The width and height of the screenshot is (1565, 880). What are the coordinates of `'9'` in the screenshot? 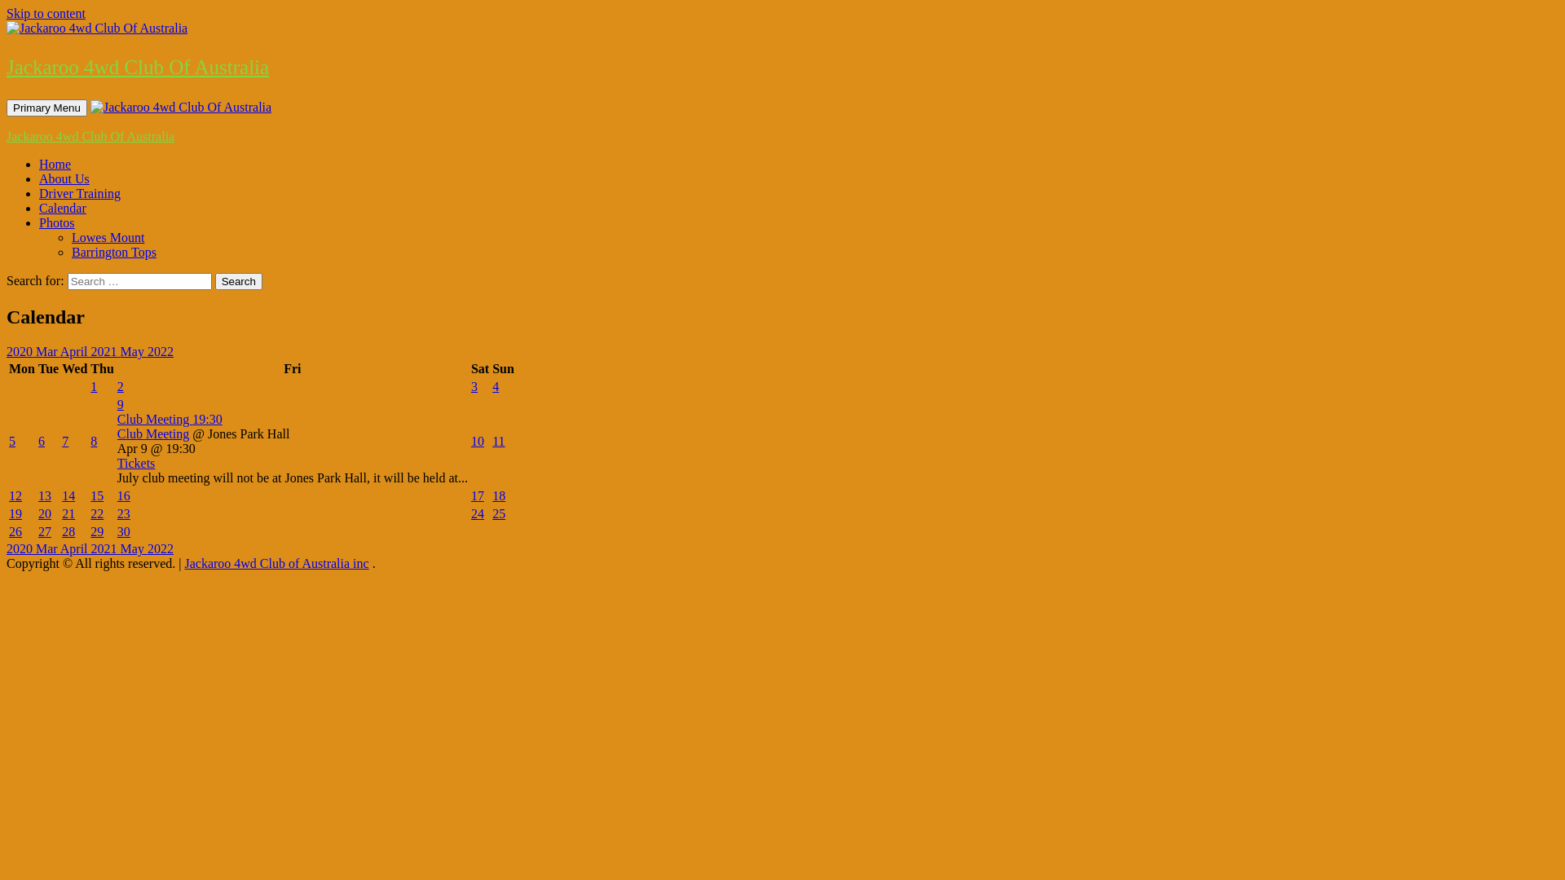 It's located at (120, 403).